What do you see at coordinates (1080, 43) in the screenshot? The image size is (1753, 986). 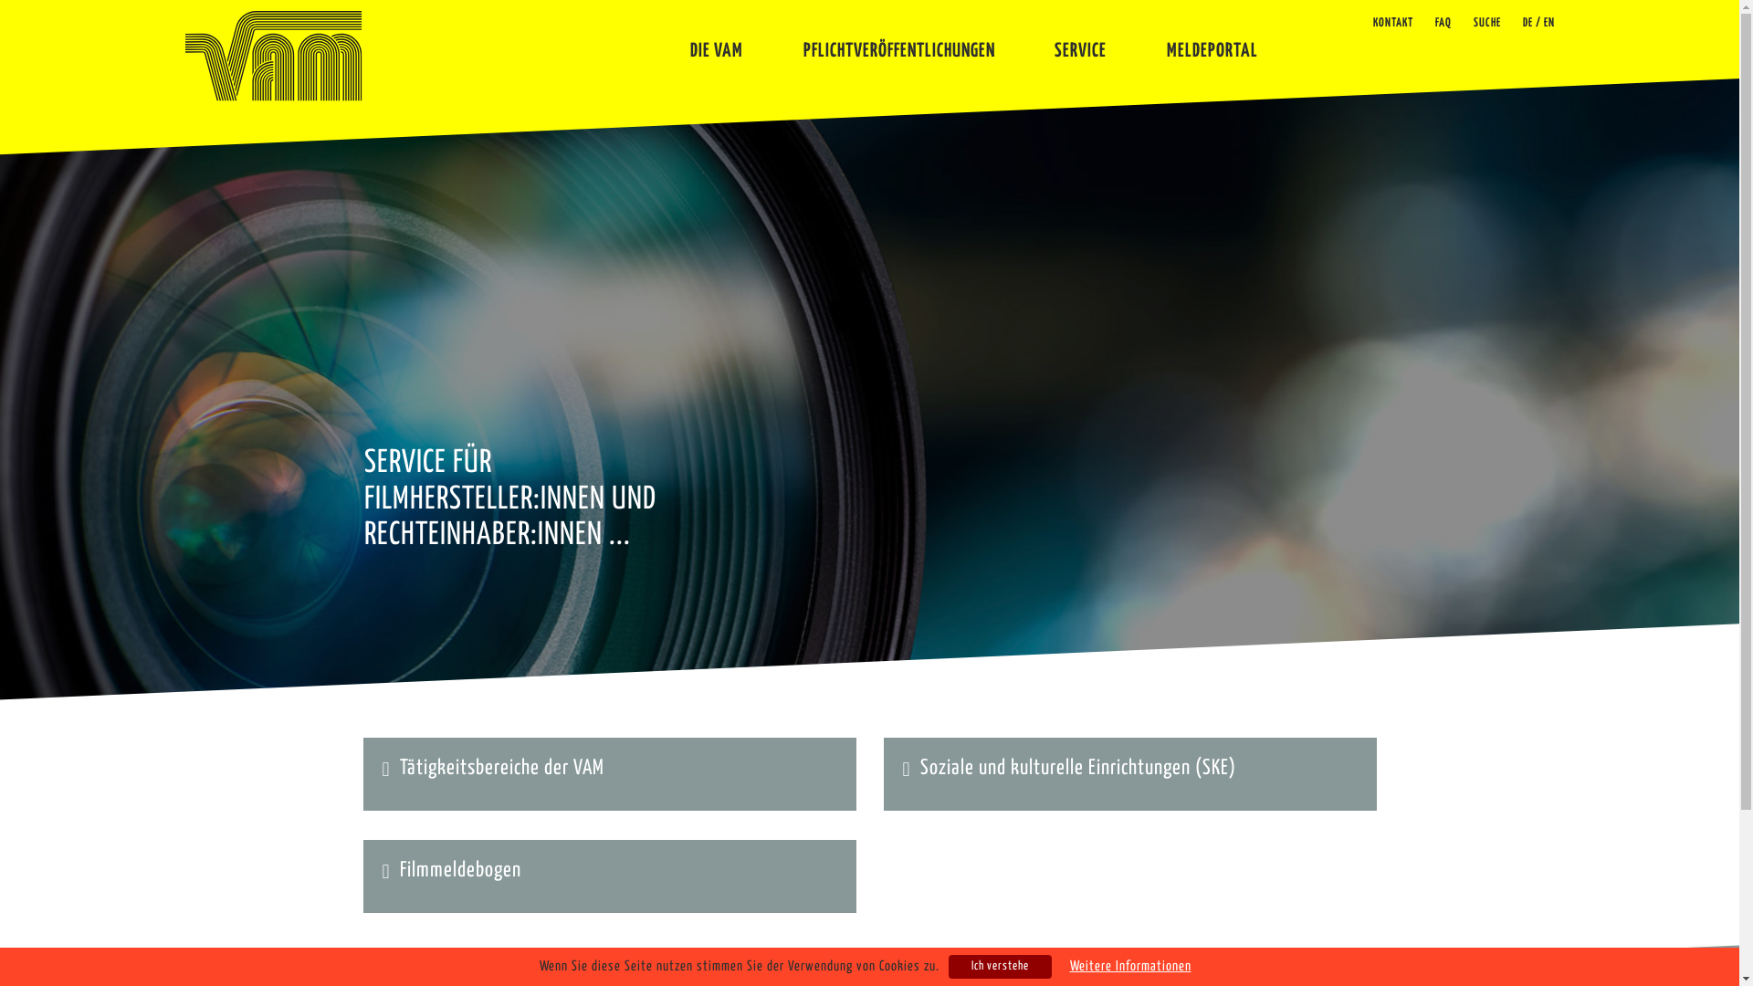 I see `'SERVICE'` at bounding box center [1080, 43].